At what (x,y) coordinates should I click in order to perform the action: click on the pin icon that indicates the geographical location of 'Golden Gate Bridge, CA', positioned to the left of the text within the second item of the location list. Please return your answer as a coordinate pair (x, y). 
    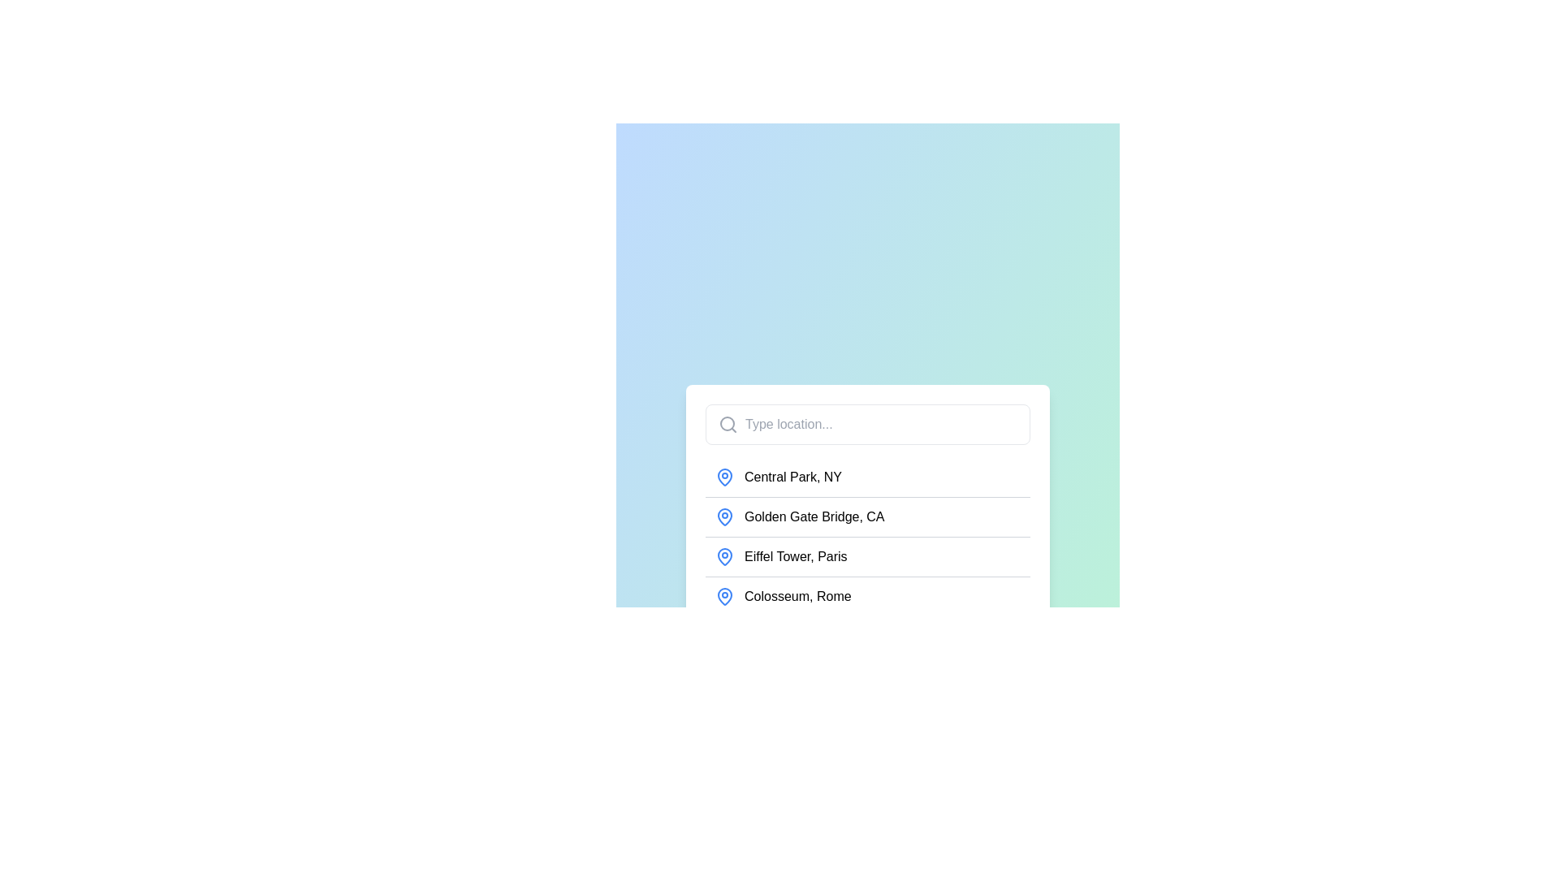
    Looking at the image, I should click on (723, 516).